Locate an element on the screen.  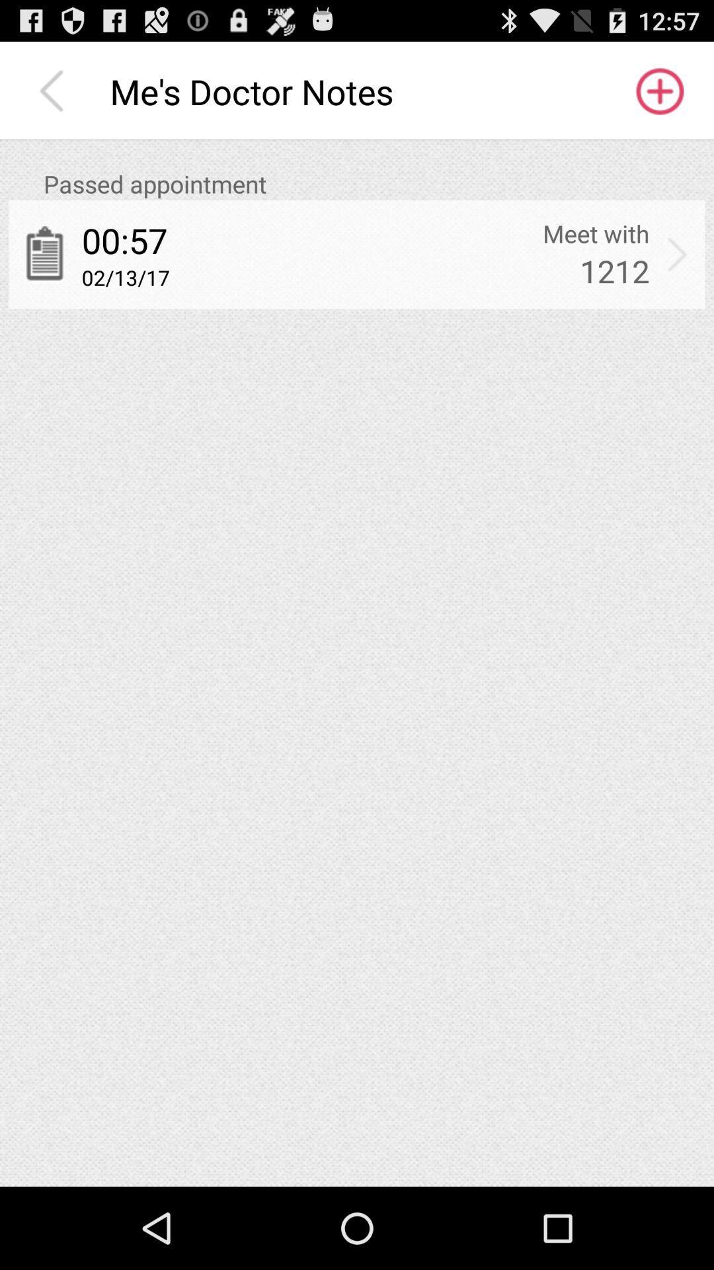
the 02/13/17 item is located at coordinates (126, 276).